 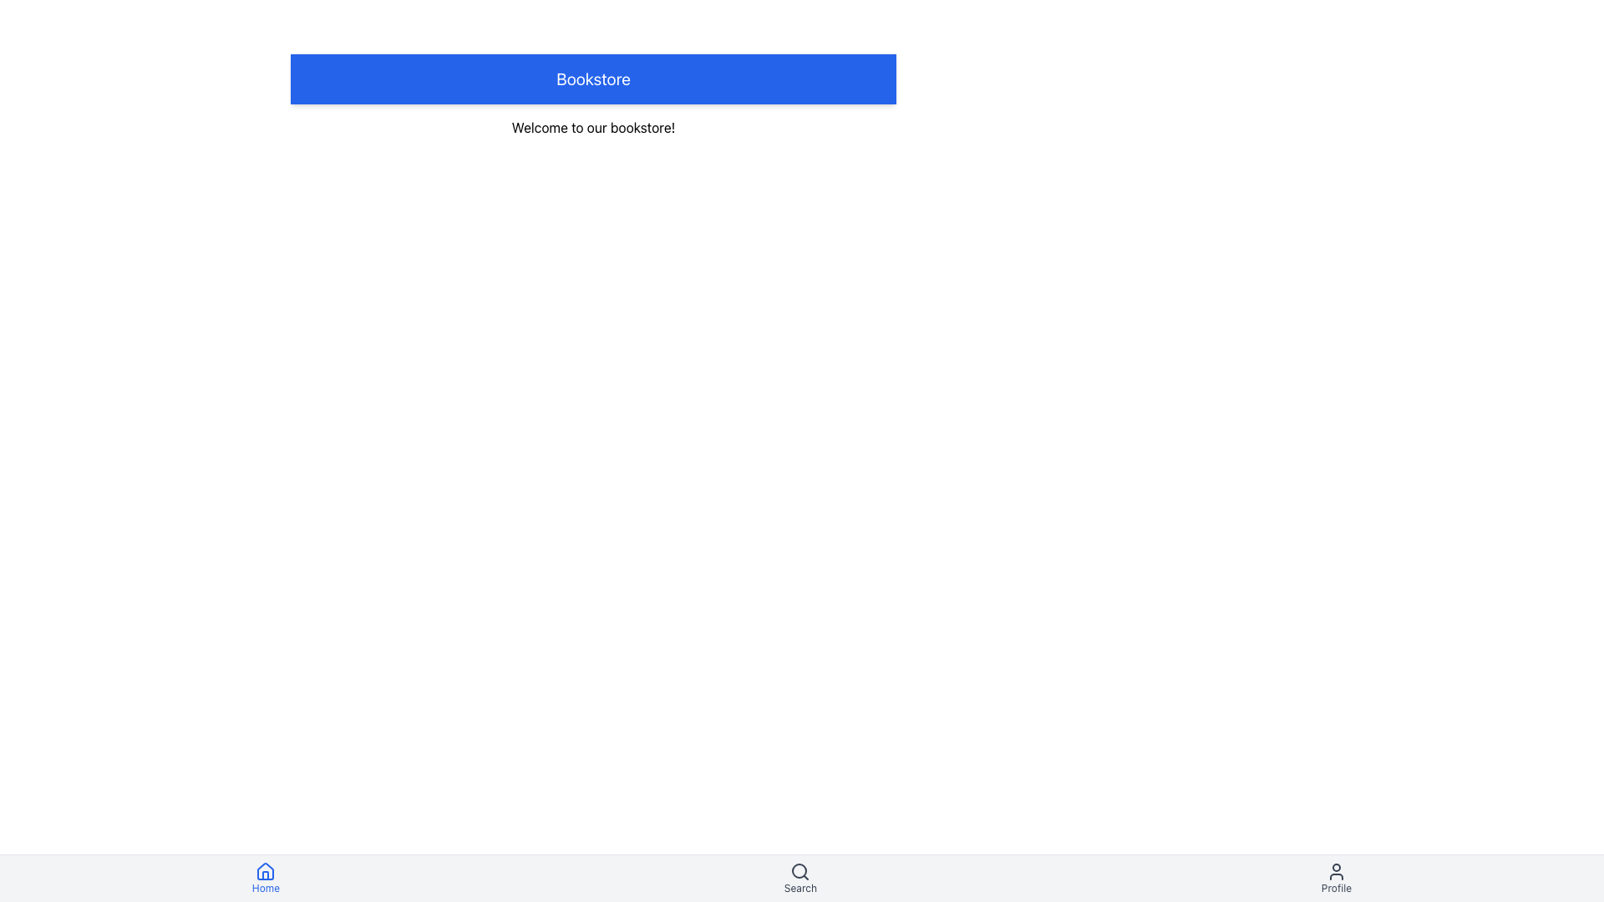 What do you see at coordinates (799, 871) in the screenshot?
I see `the magnifying glass icon located in the bottom navigation bar` at bounding box center [799, 871].